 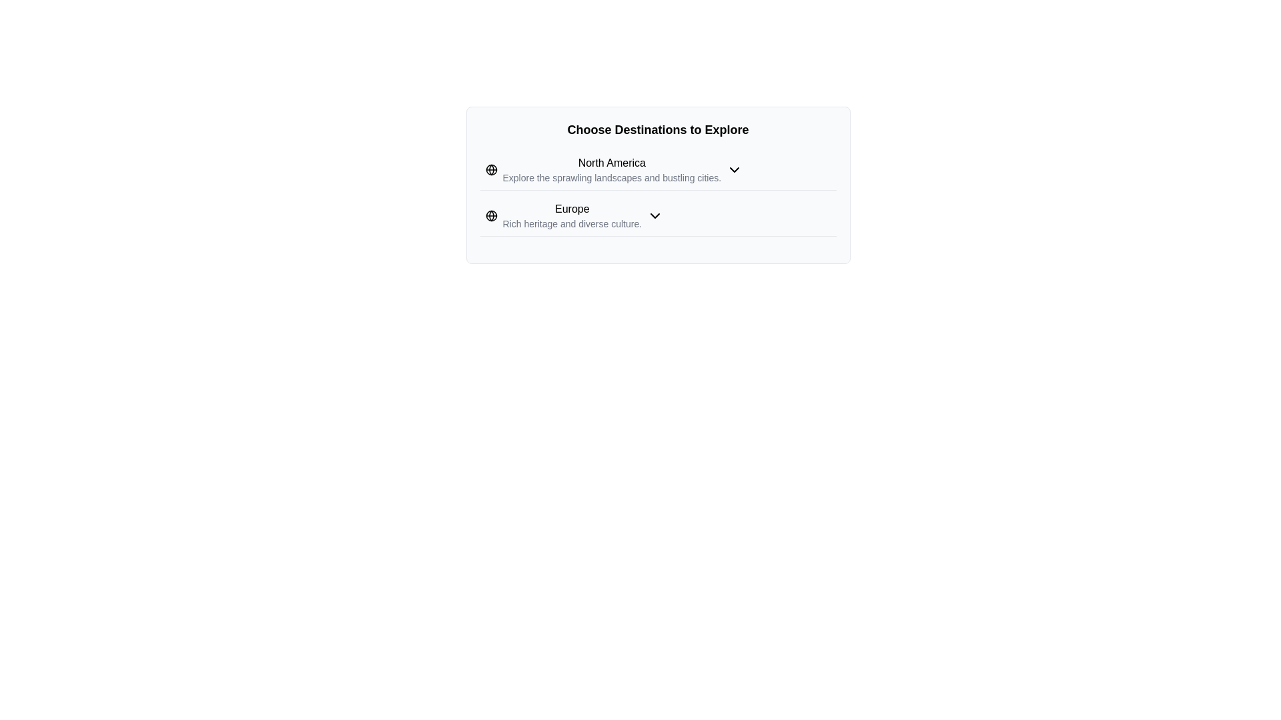 What do you see at coordinates (611, 177) in the screenshot?
I see `the text label providing additional information about the 'North America' section, which is positioned below the header text 'North America'` at bounding box center [611, 177].